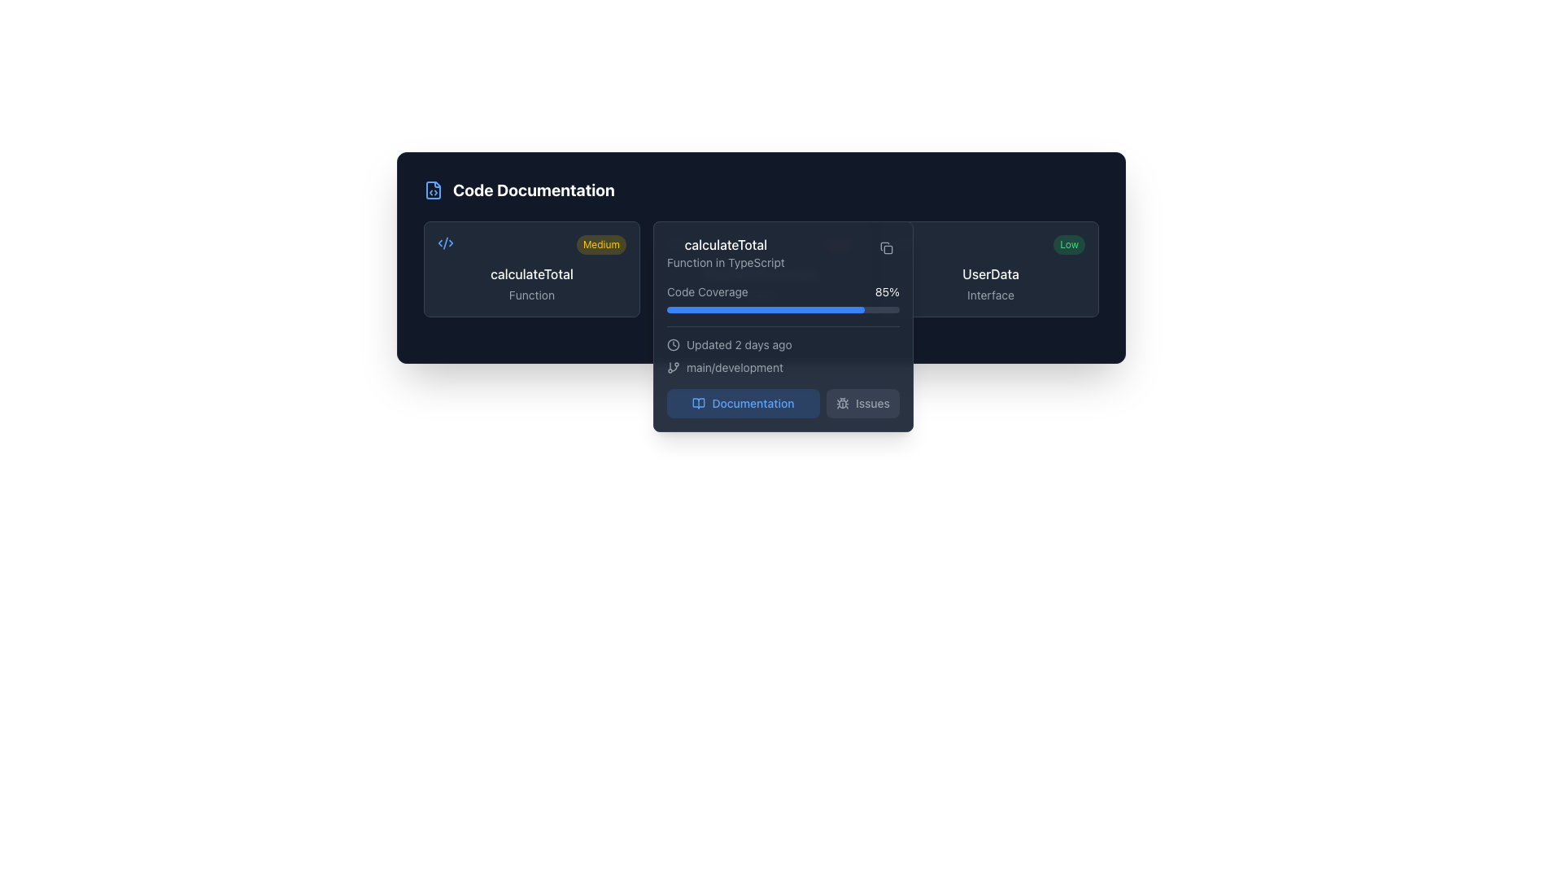 The height and width of the screenshot is (879, 1562). I want to click on the label displaying the last update timestamp, located in the second row of the card, just above the text 'main/development', to the right of the clock icon, so click(783, 344).